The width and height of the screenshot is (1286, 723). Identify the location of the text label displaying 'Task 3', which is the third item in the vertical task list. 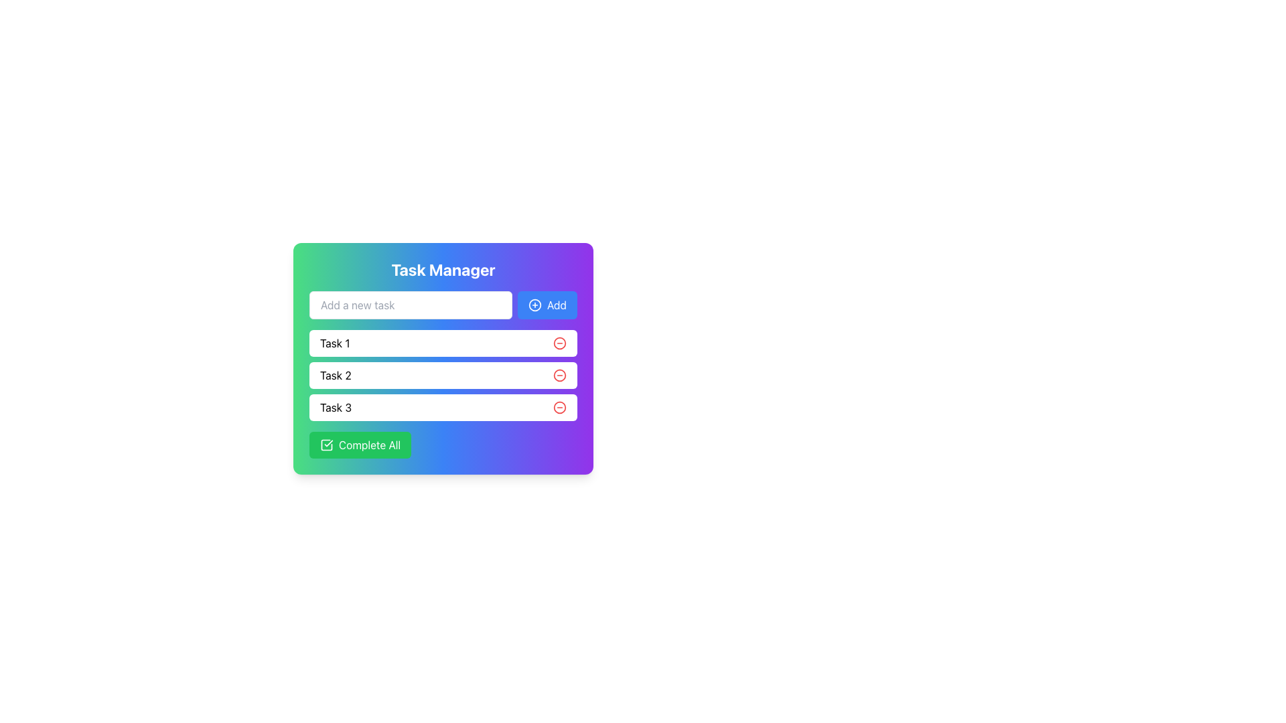
(336, 407).